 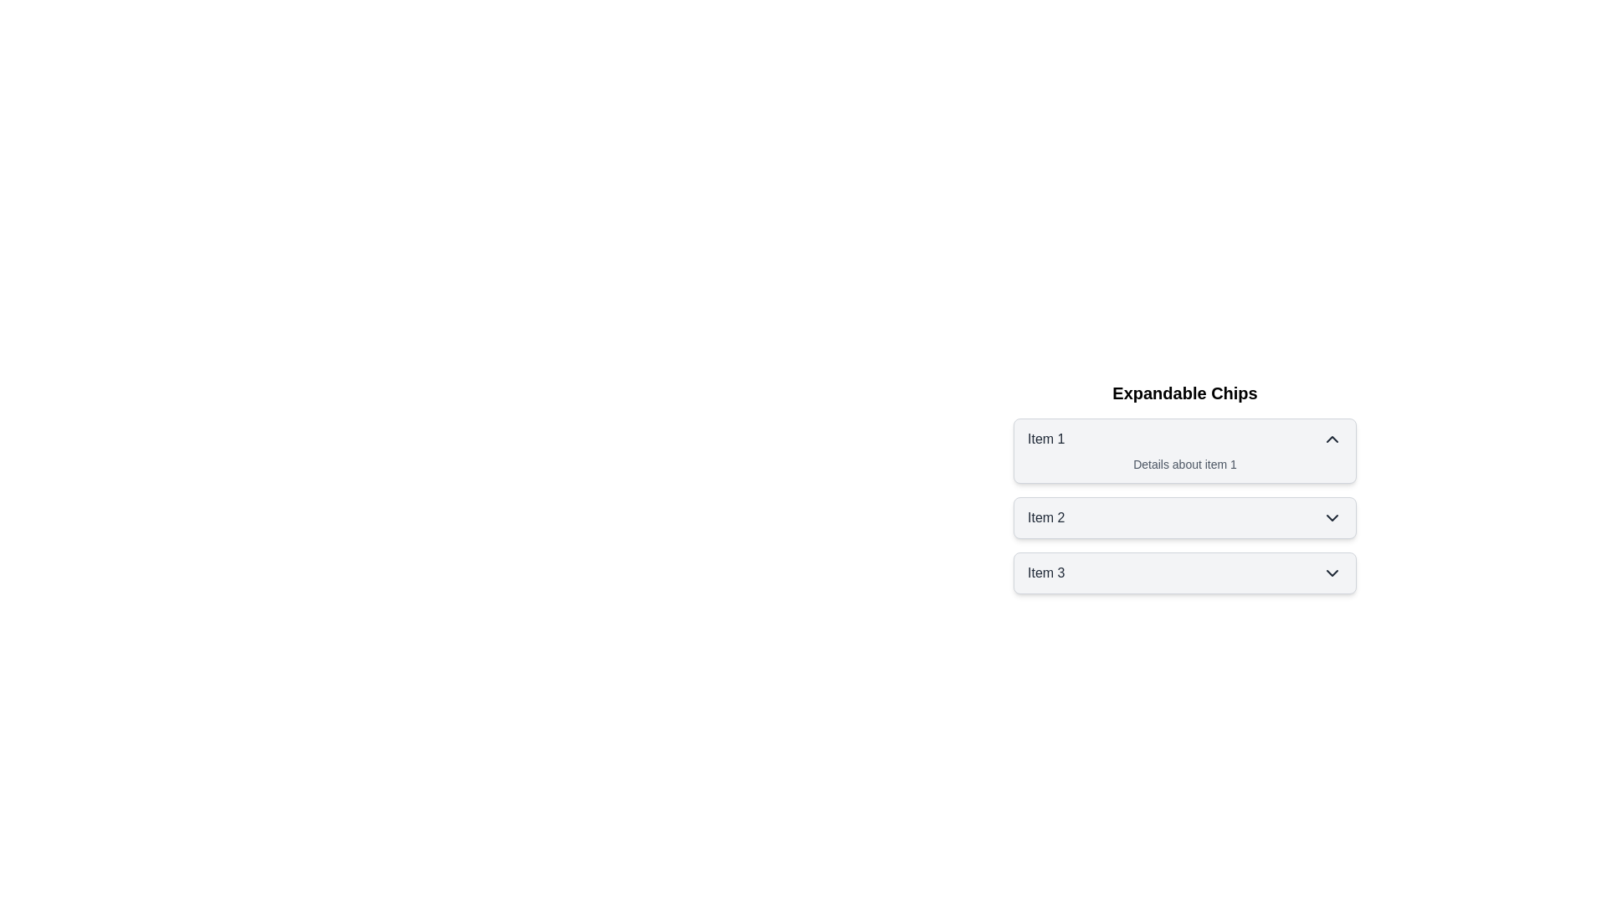 What do you see at coordinates (1045, 516) in the screenshot?
I see `the label of chip Item 2 to toggle its state` at bounding box center [1045, 516].